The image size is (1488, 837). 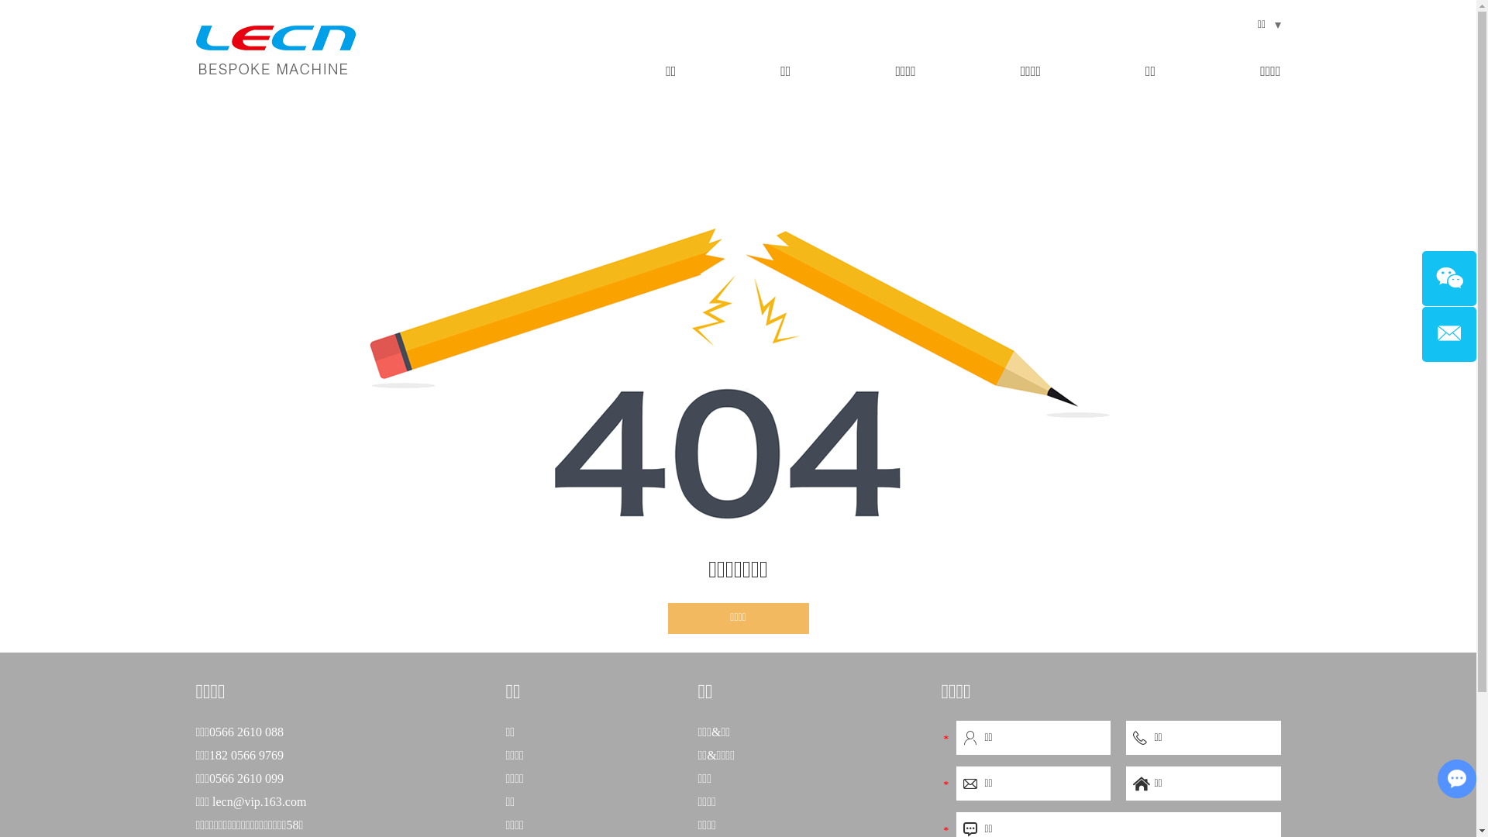 What do you see at coordinates (259, 801) in the screenshot?
I see `'lecn@vip.163.com'` at bounding box center [259, 801].